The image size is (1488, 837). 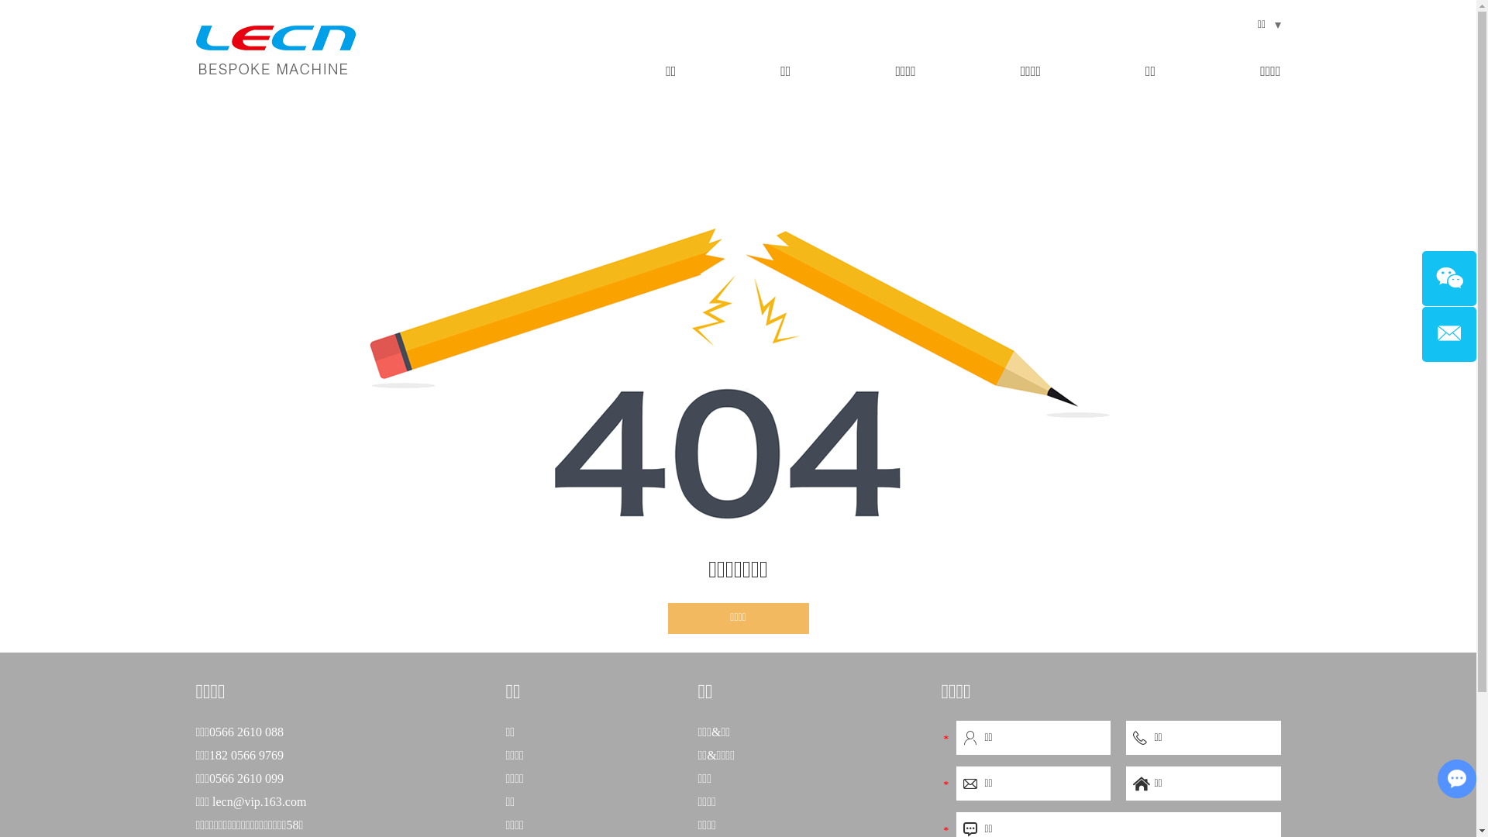 What do you see at coordinates (259, 801) in the screenshot?
I see `'lecn@vip.163.com'` at bounding box center [259, 801].